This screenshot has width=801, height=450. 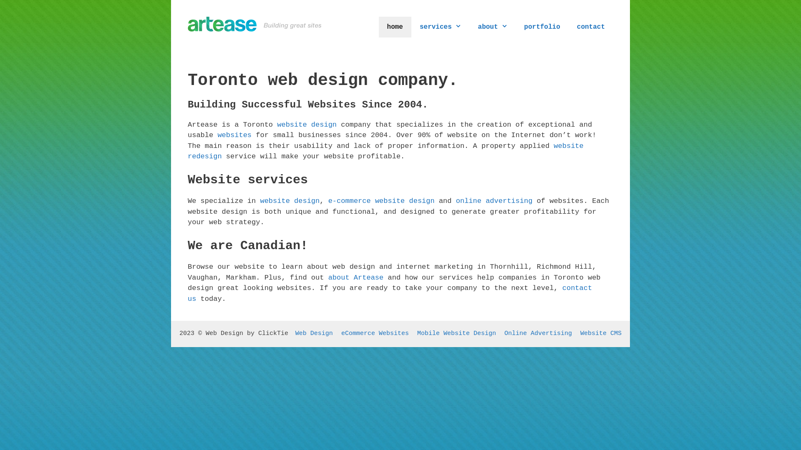 What do you see at coordinates (590, 27) in the screenshot?
I see `'contact'` at bounding box center [590, 27].